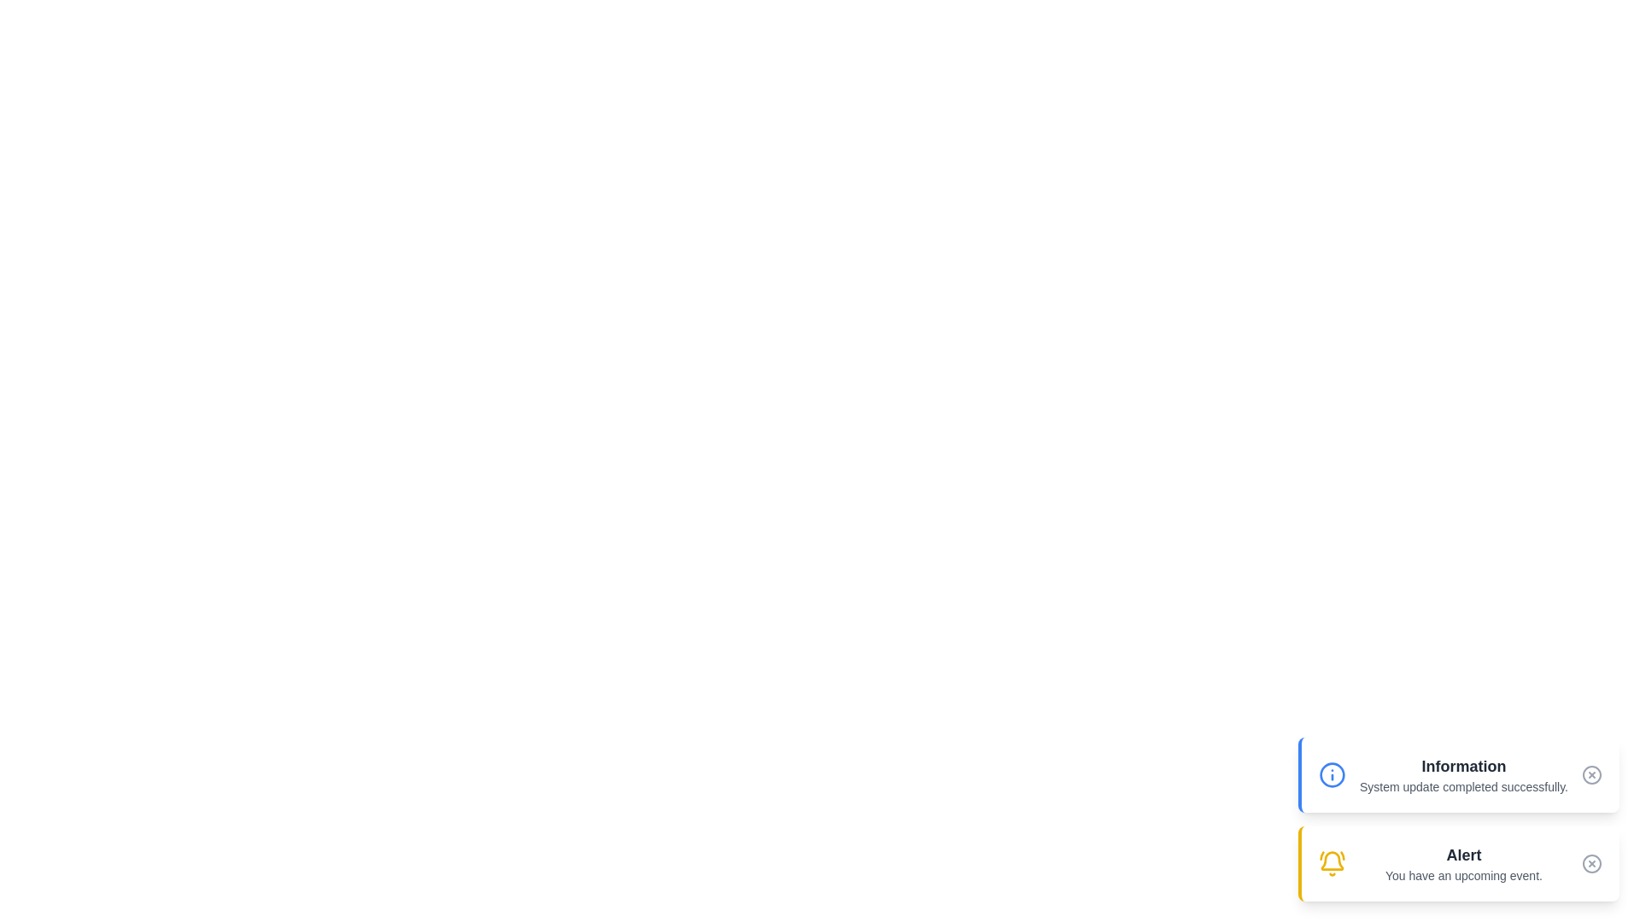  Describe the element at coordinates (1332, 774) in the screenshot. I see `the icon of the notification titled 'Information'` at that location.